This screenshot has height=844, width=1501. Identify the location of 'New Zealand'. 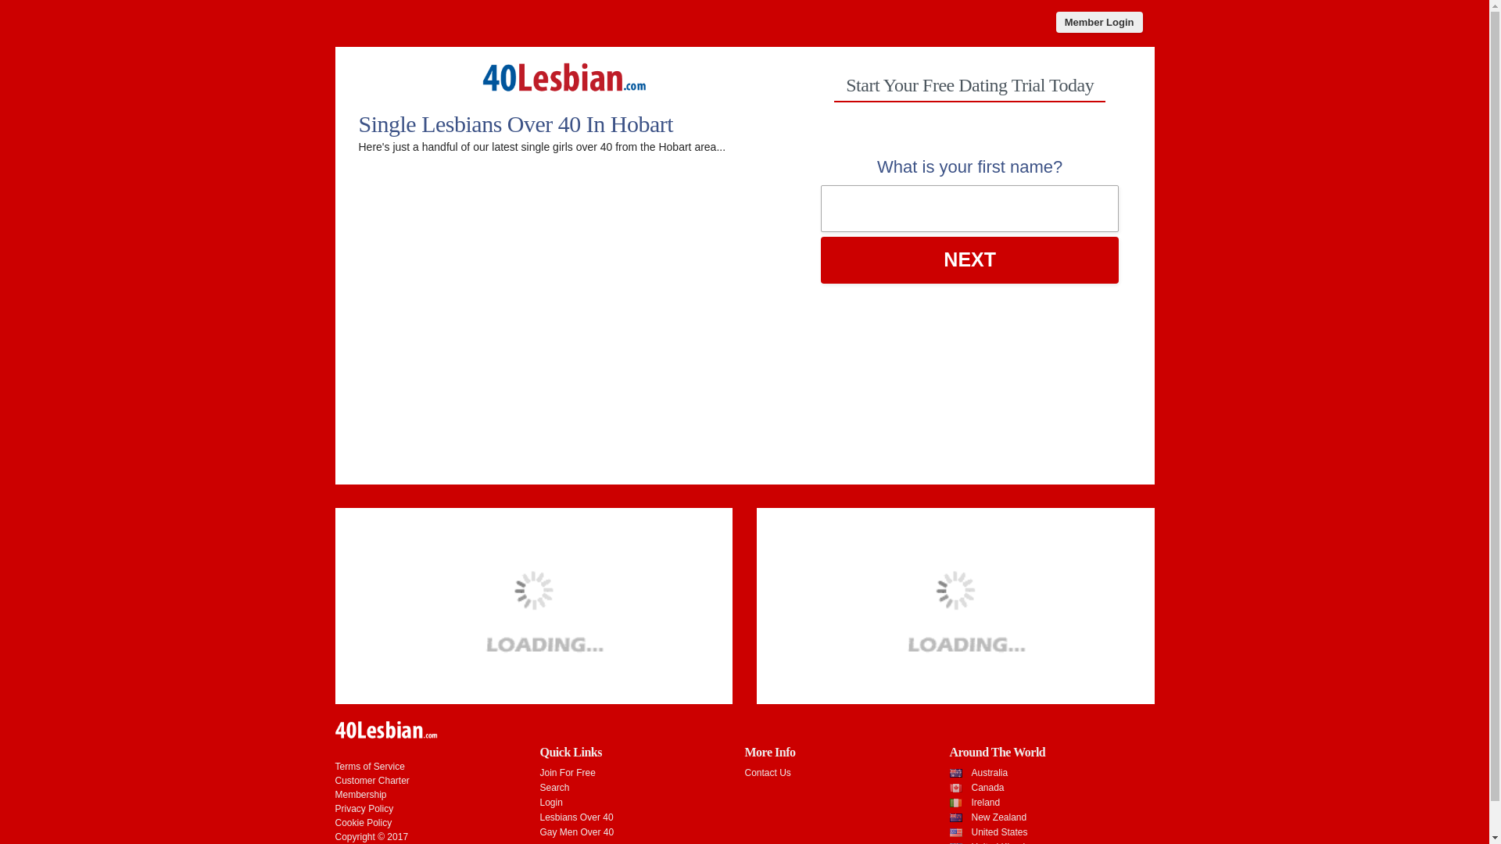
(998, 816).